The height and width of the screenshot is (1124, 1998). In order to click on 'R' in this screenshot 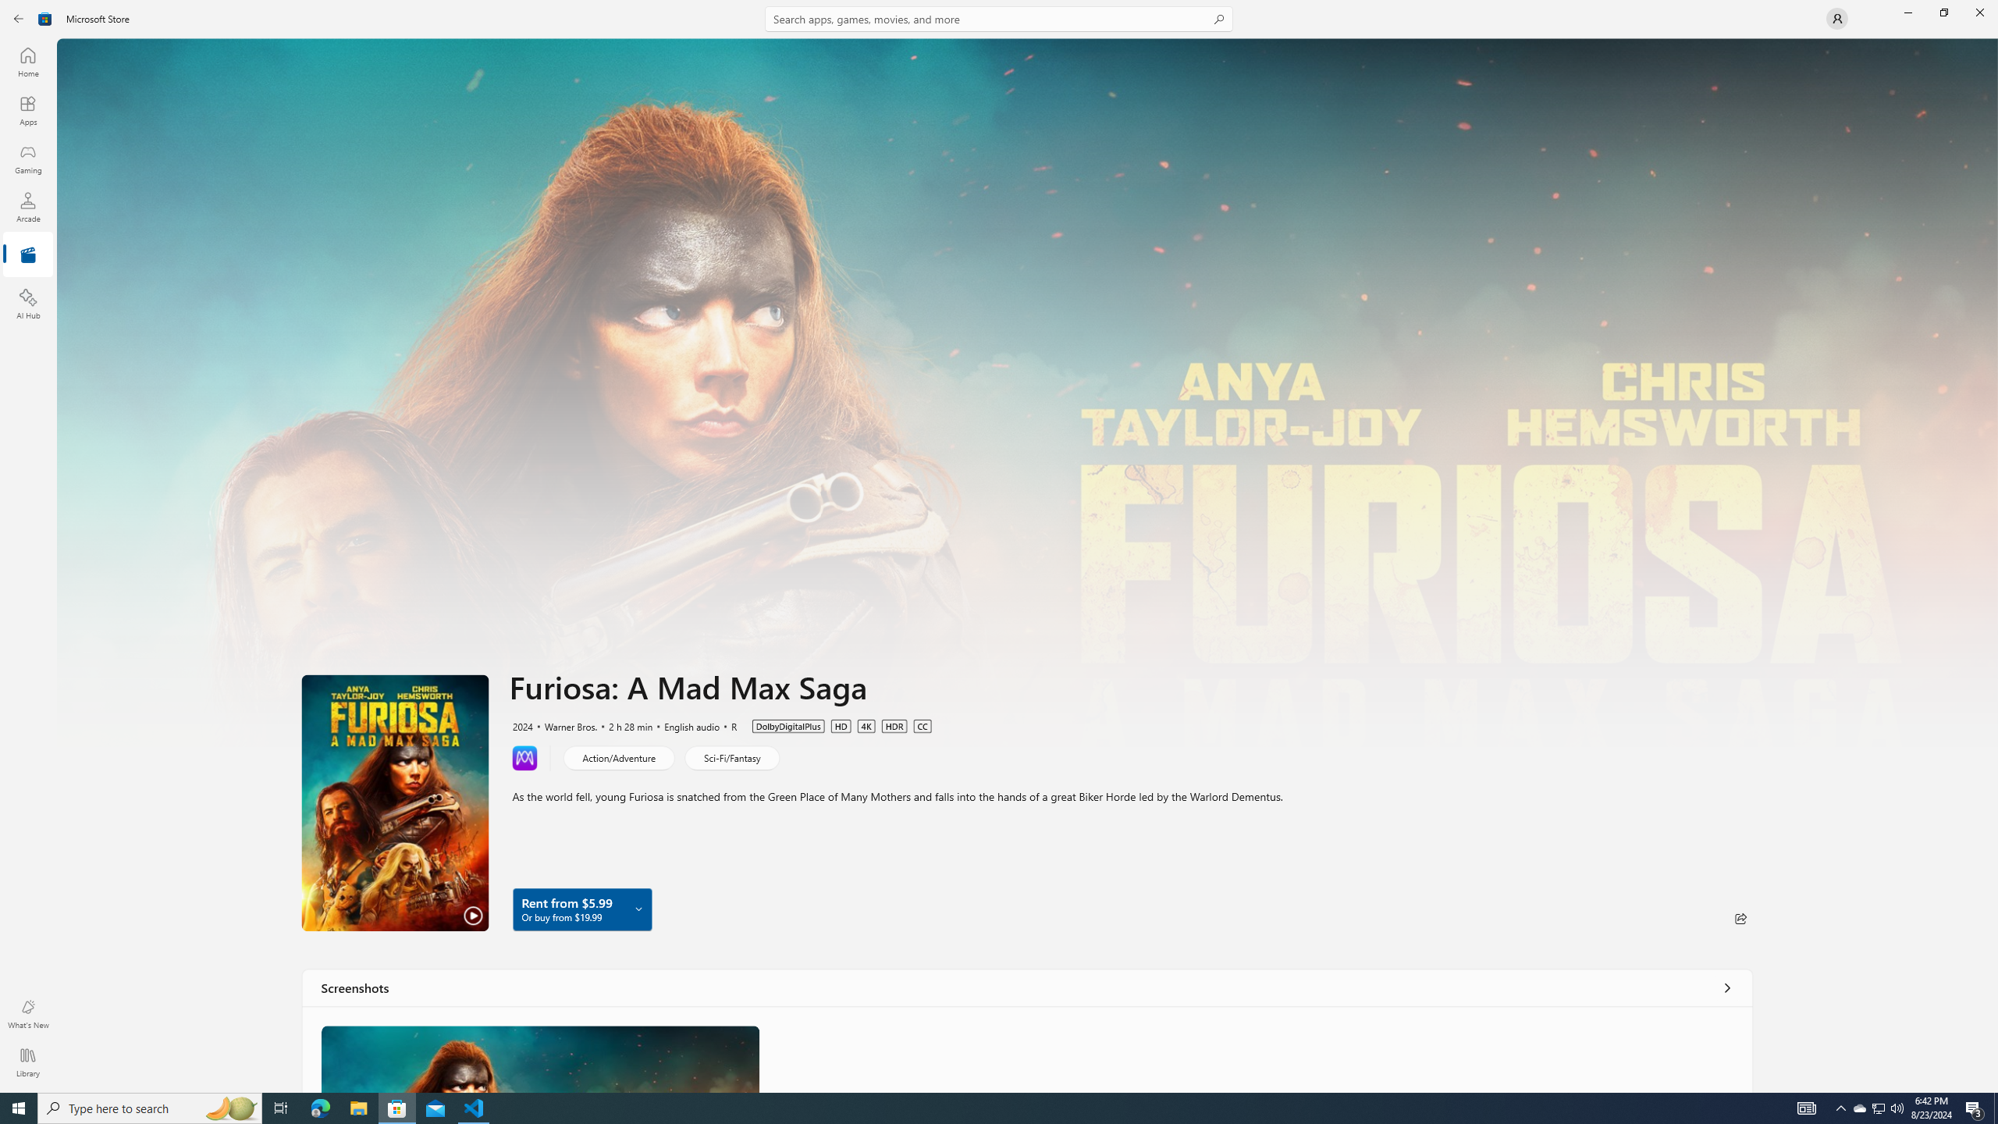, I will do `click(726, 724)`.